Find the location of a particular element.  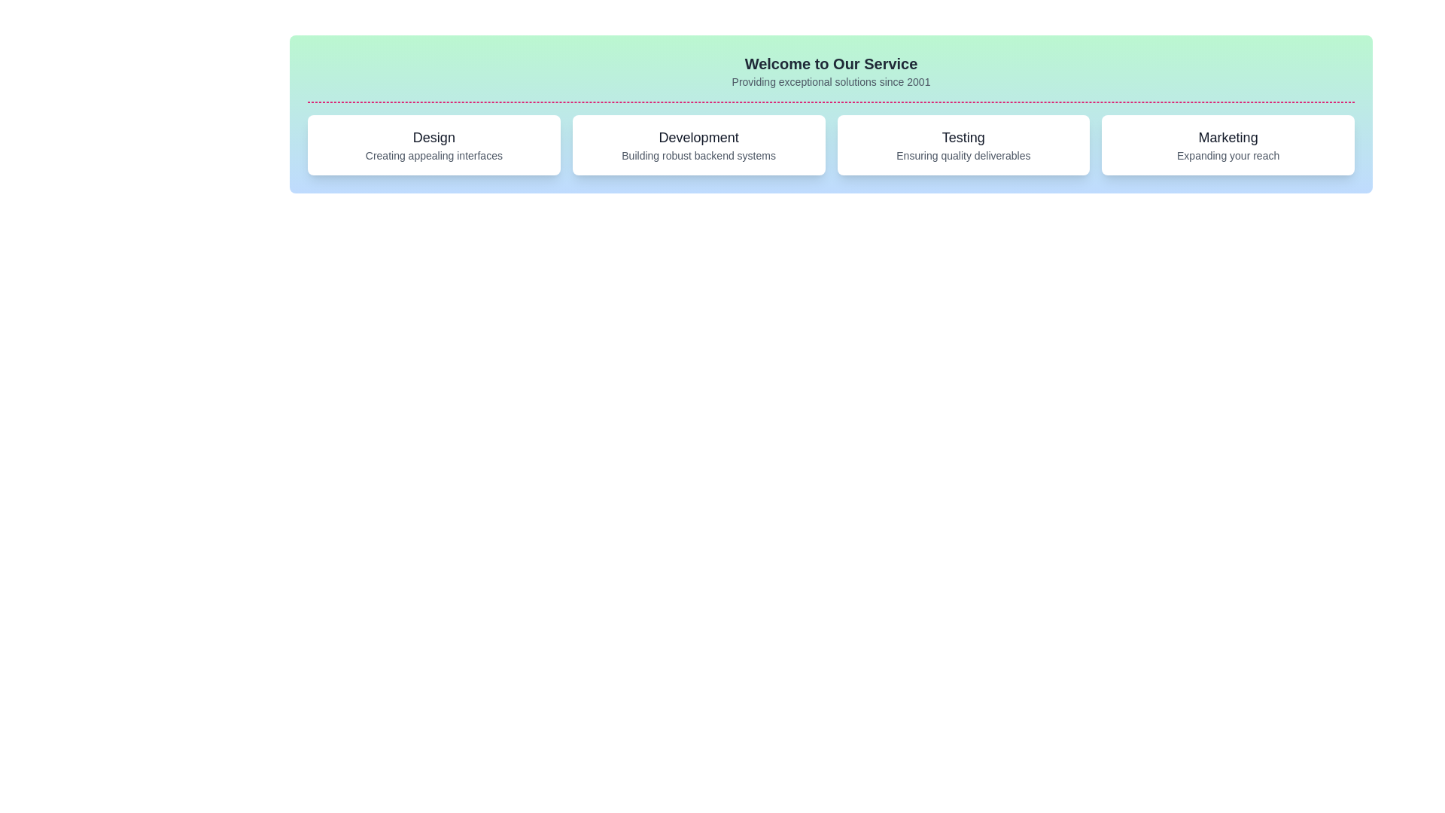

the decorative horizontal line that visually separates the introductory text from the subsequent content, located just beneath the 'Welcome to Our Service' title and 'Providing exceptional solutions since 2001' subtitle is located at coordinates (830, 102).